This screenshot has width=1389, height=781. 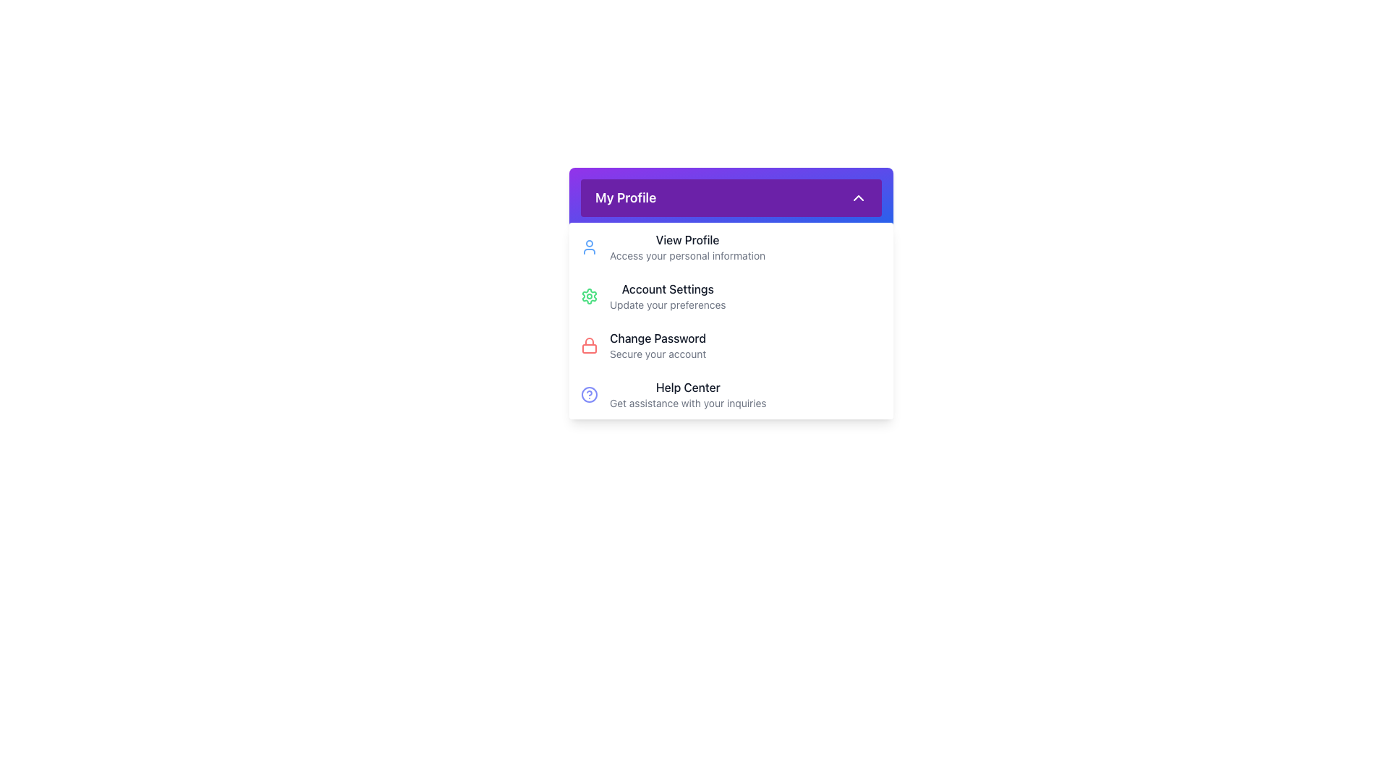 What do you see at coordinates (731, 395) in the screenshot?
I see `the 'Help Center' Navigation Item at the bottom of the dropdown menu under 'My Profile'` at bounding box center [731, 395].